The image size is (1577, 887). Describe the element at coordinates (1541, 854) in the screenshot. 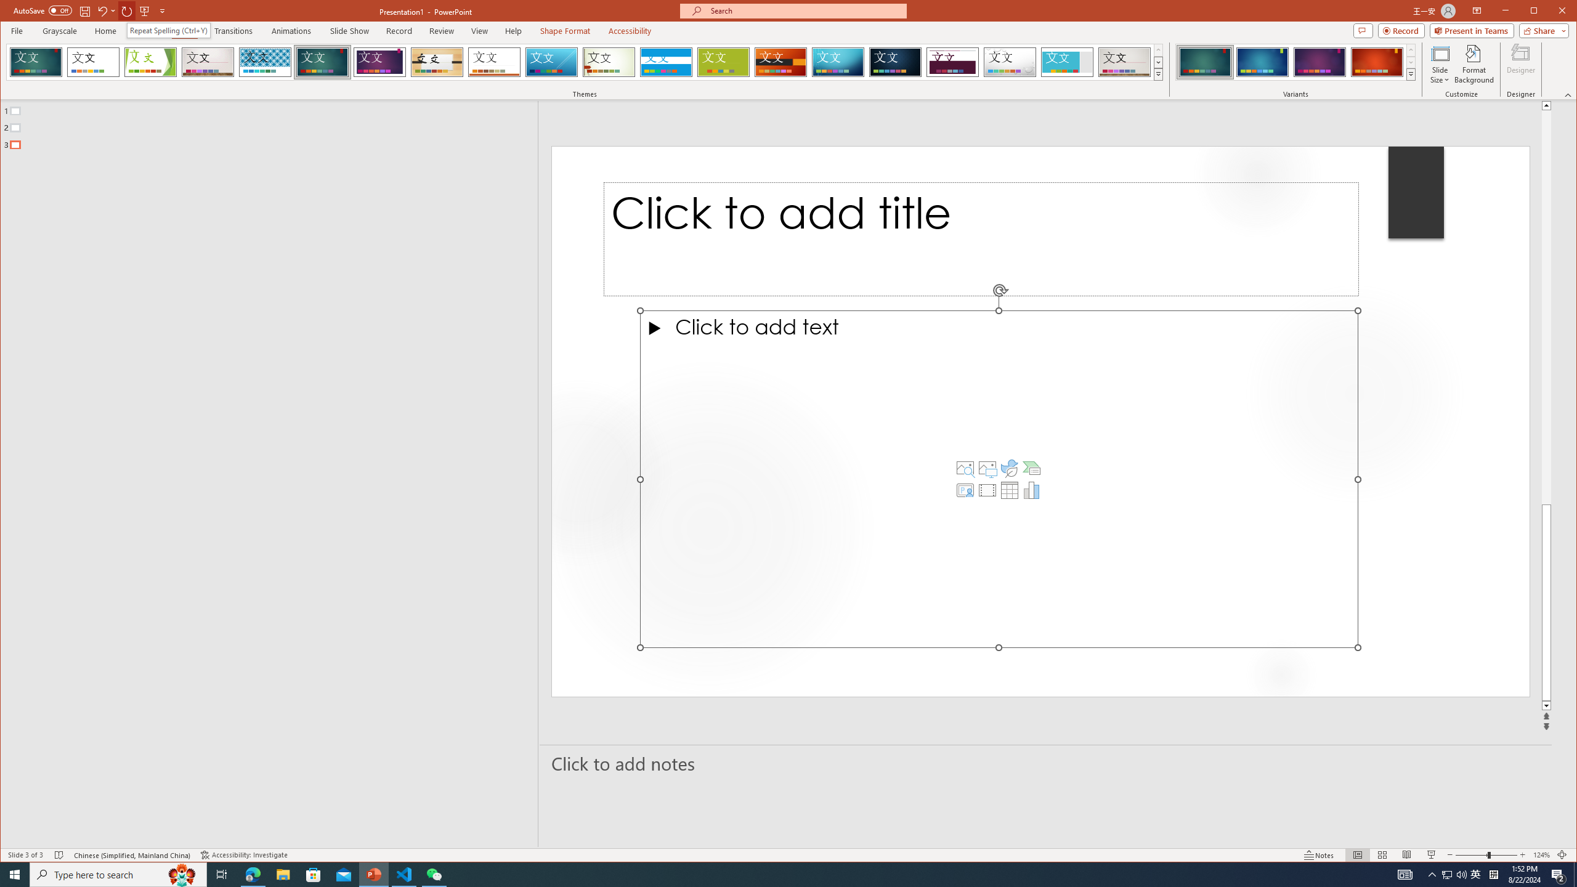

I see `'Zoom 124%'` at that location.